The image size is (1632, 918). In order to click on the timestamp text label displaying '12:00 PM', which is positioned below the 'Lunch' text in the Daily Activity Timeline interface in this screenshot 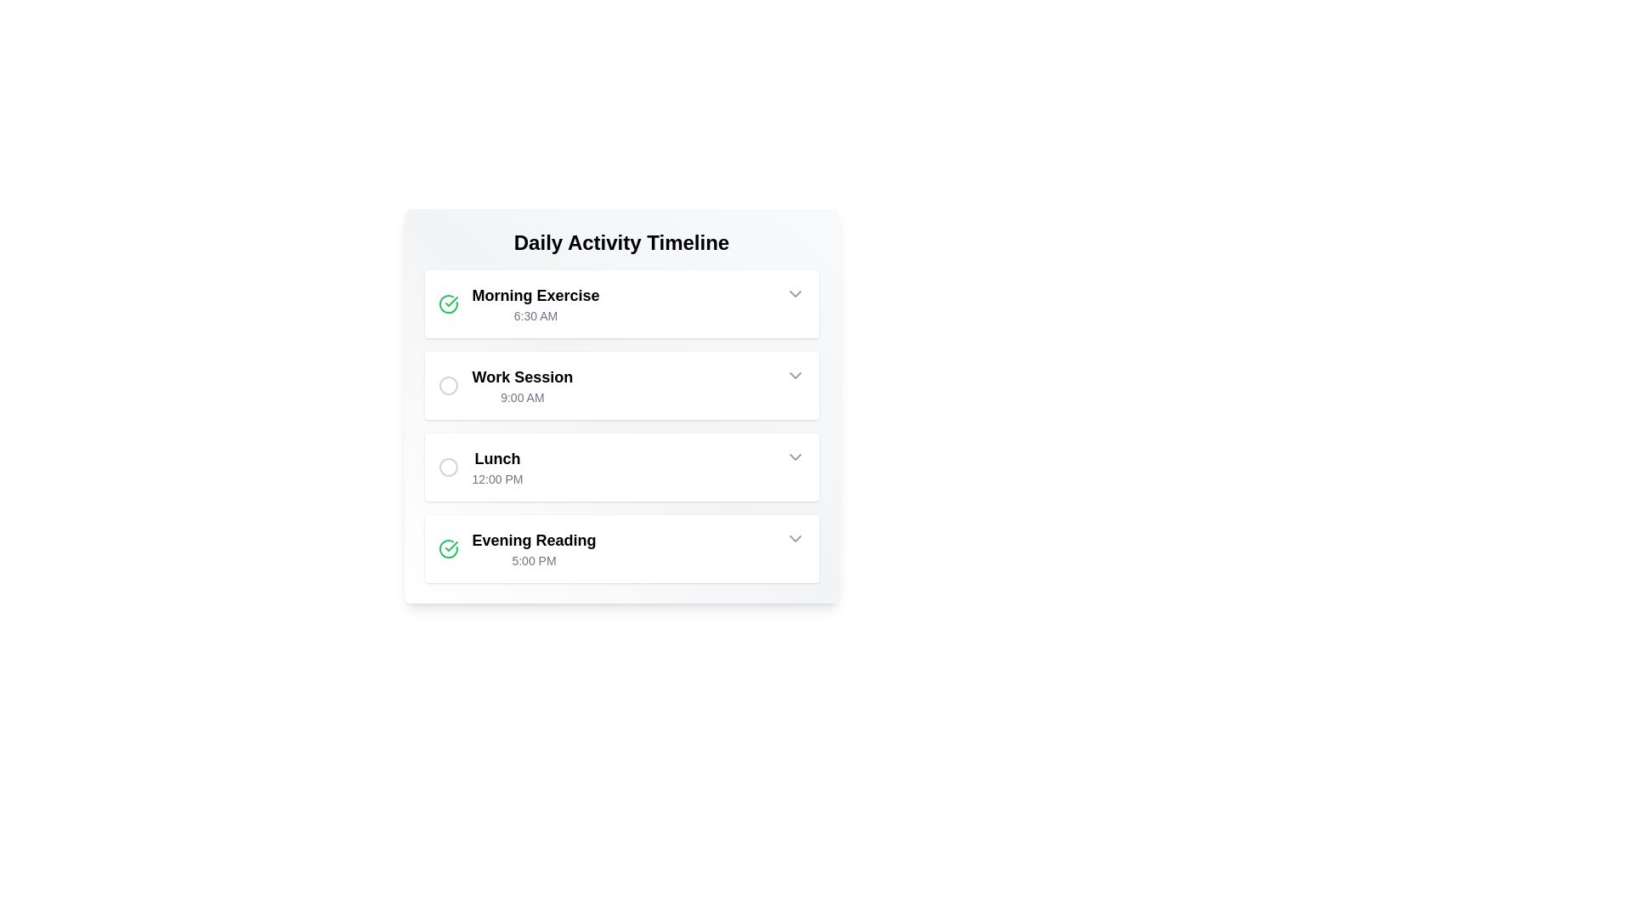, I will do `click(496, 479)`.